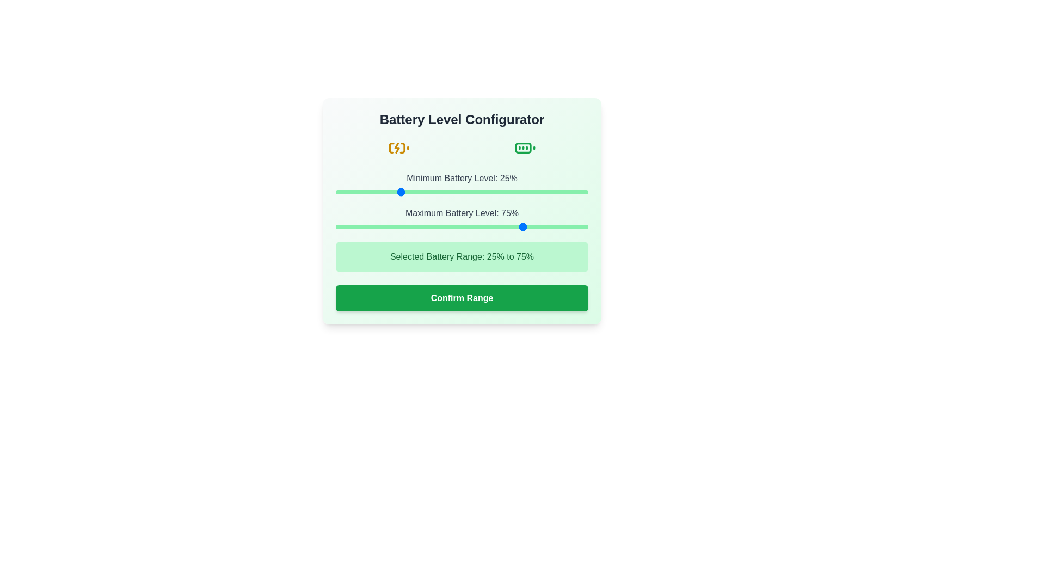  I want to click on the maximum battery level, so click(391, 226).